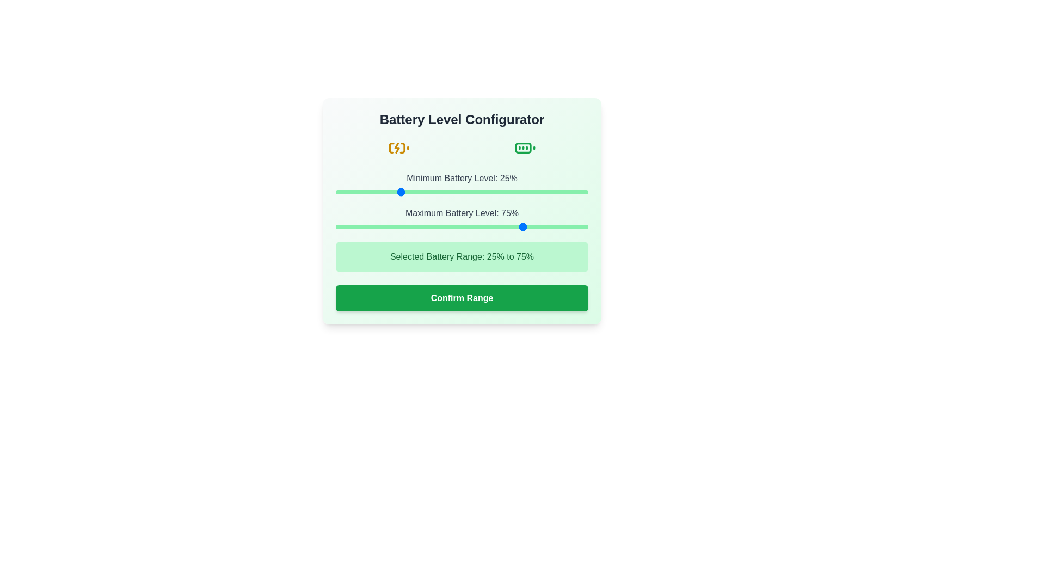  I want to click on the maximum battery level, so click(391, 226).